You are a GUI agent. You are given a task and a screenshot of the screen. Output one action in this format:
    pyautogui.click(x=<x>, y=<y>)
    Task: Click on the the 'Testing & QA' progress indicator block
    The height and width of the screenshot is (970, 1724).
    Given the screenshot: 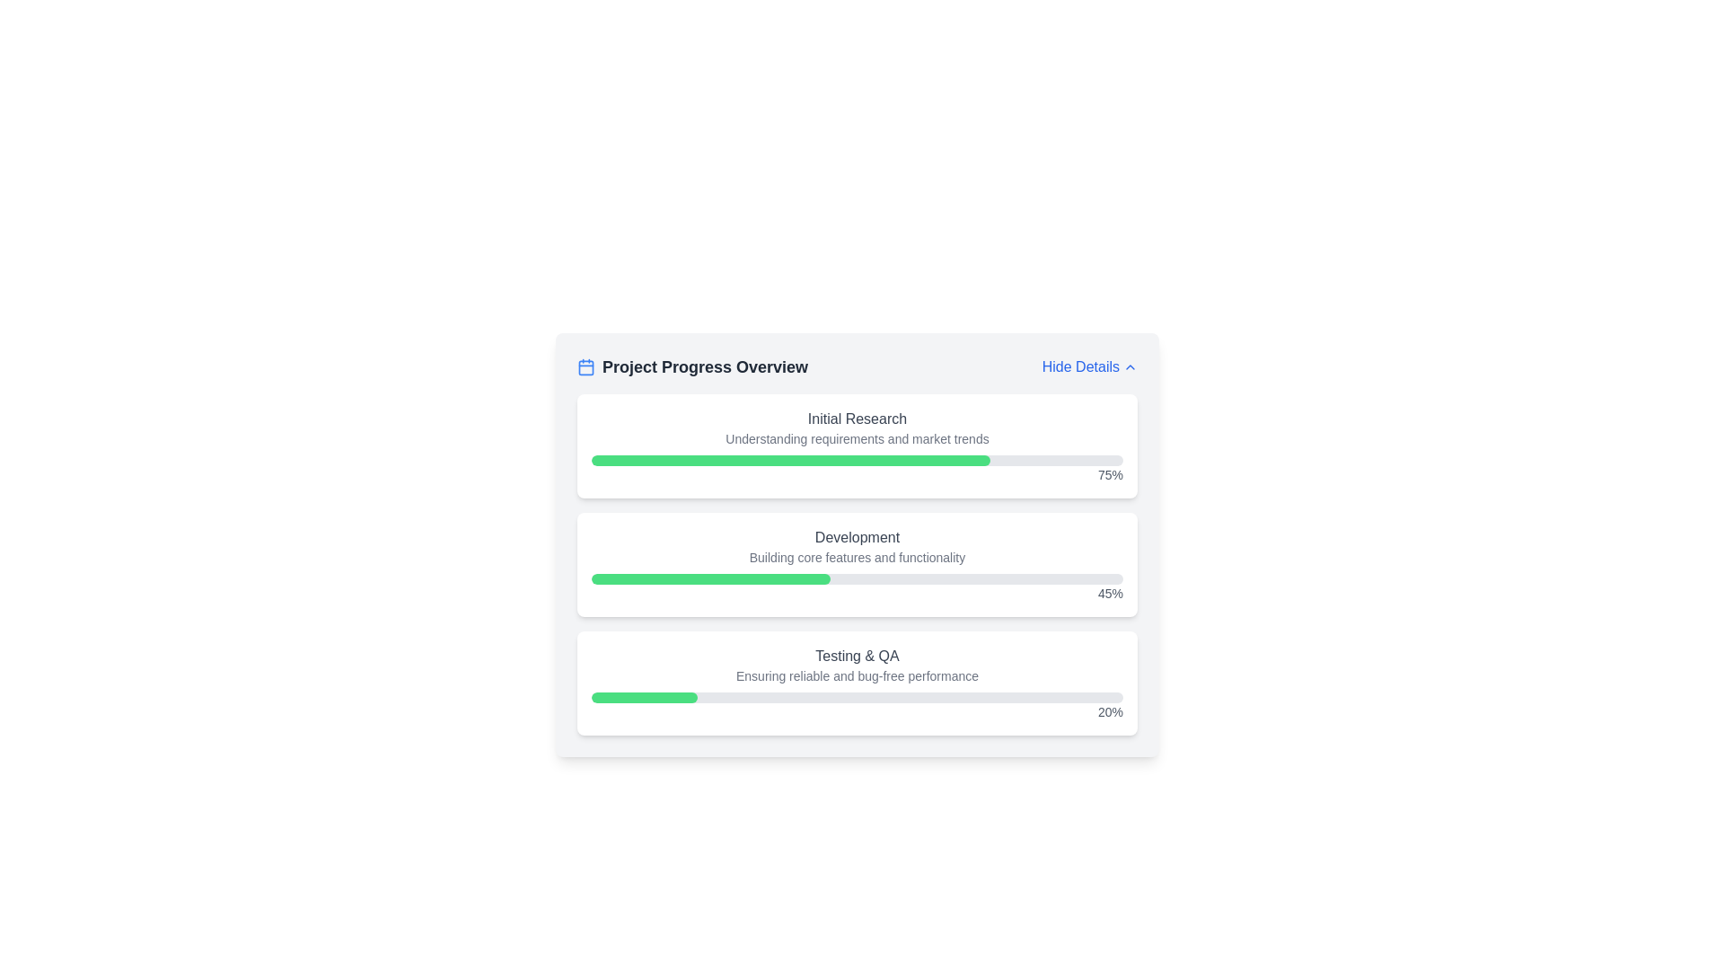 What is the action you would take?
    pyautogui.click(x=857, y=683)
    